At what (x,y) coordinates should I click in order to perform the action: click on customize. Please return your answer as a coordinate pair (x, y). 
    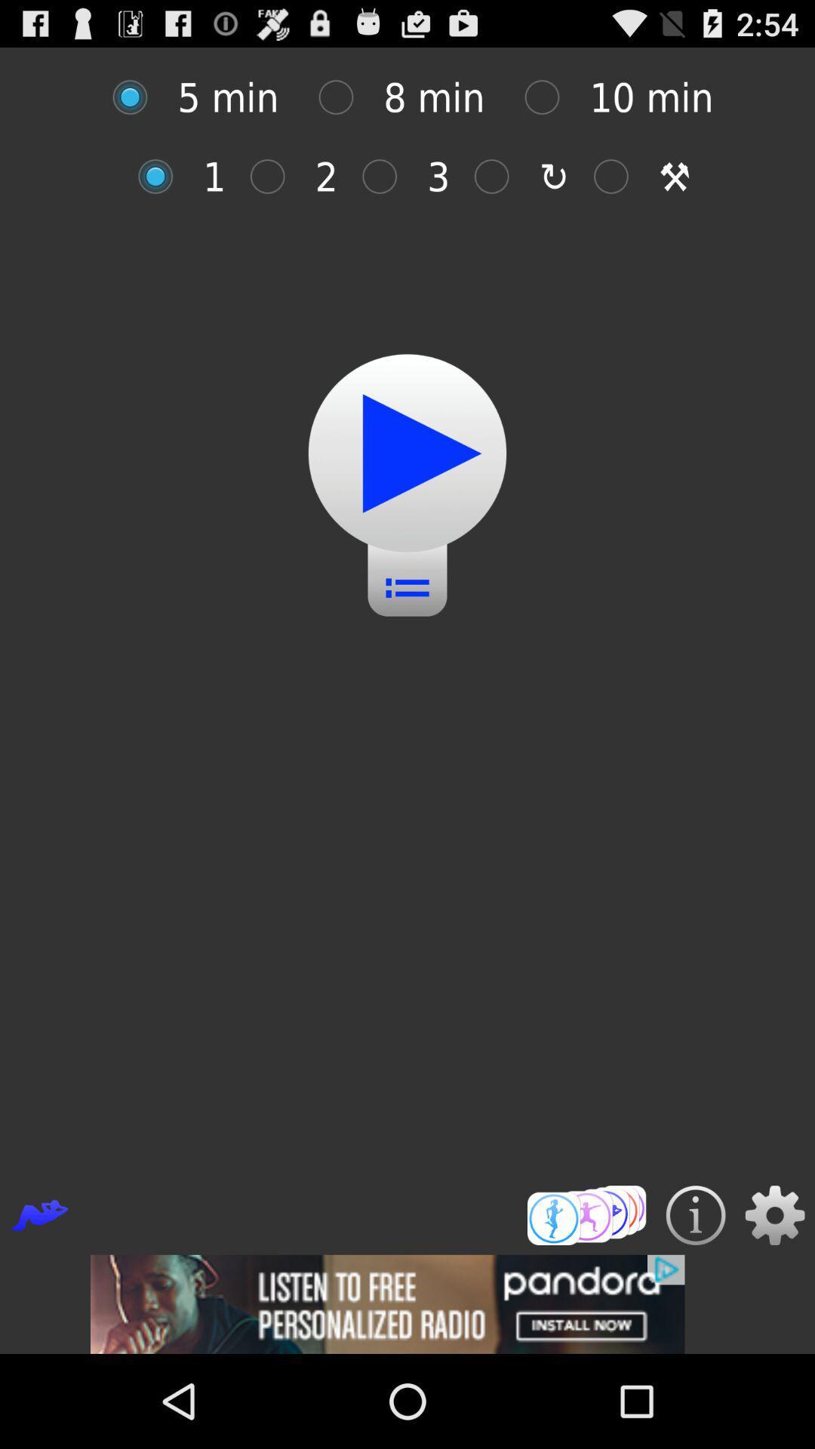
    Looking at the image, I should click on (137, 97).